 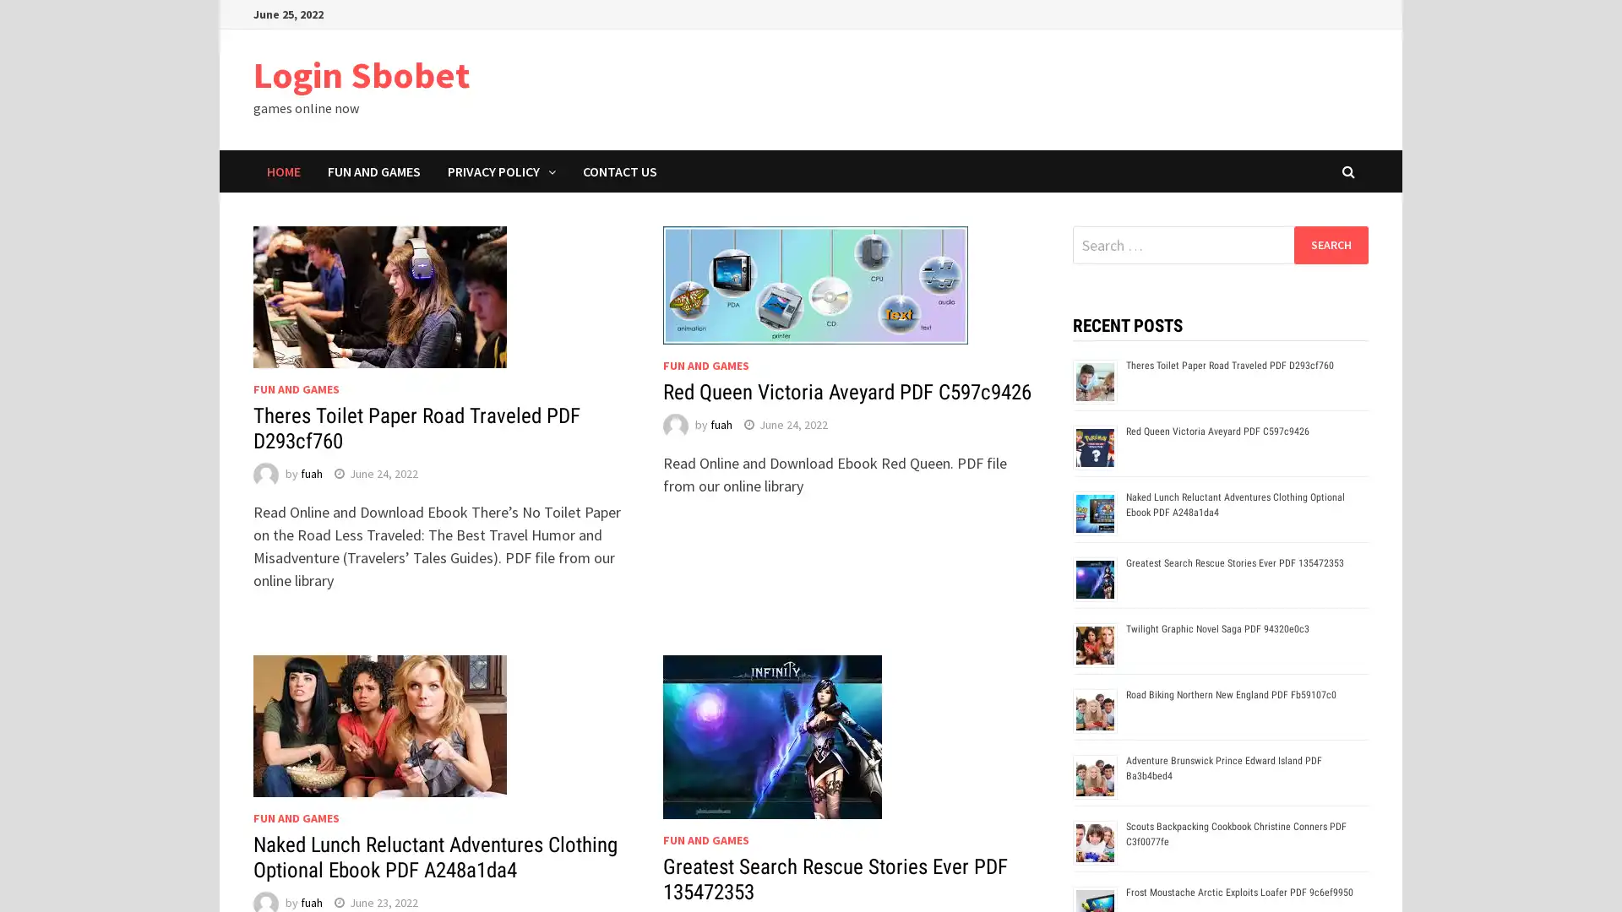 I want to click on Search, so click(x=1330, y=244).